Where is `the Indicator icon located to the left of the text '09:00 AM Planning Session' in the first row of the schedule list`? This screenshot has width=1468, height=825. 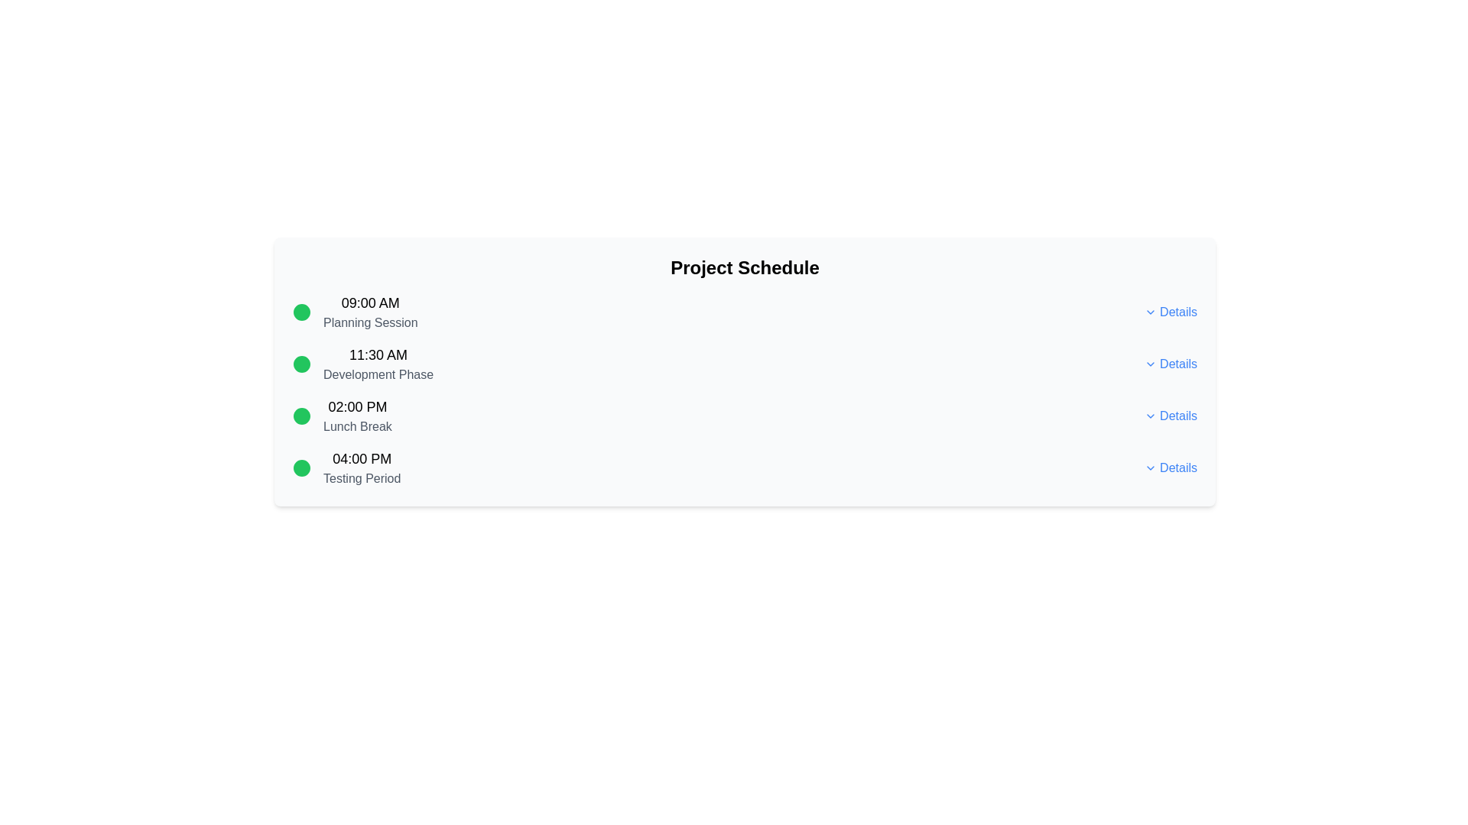 the Indicator icon located to the left of the text '09:00 AM Planning Session' in the first row of the schedule list is located at coordinates (301, 311).